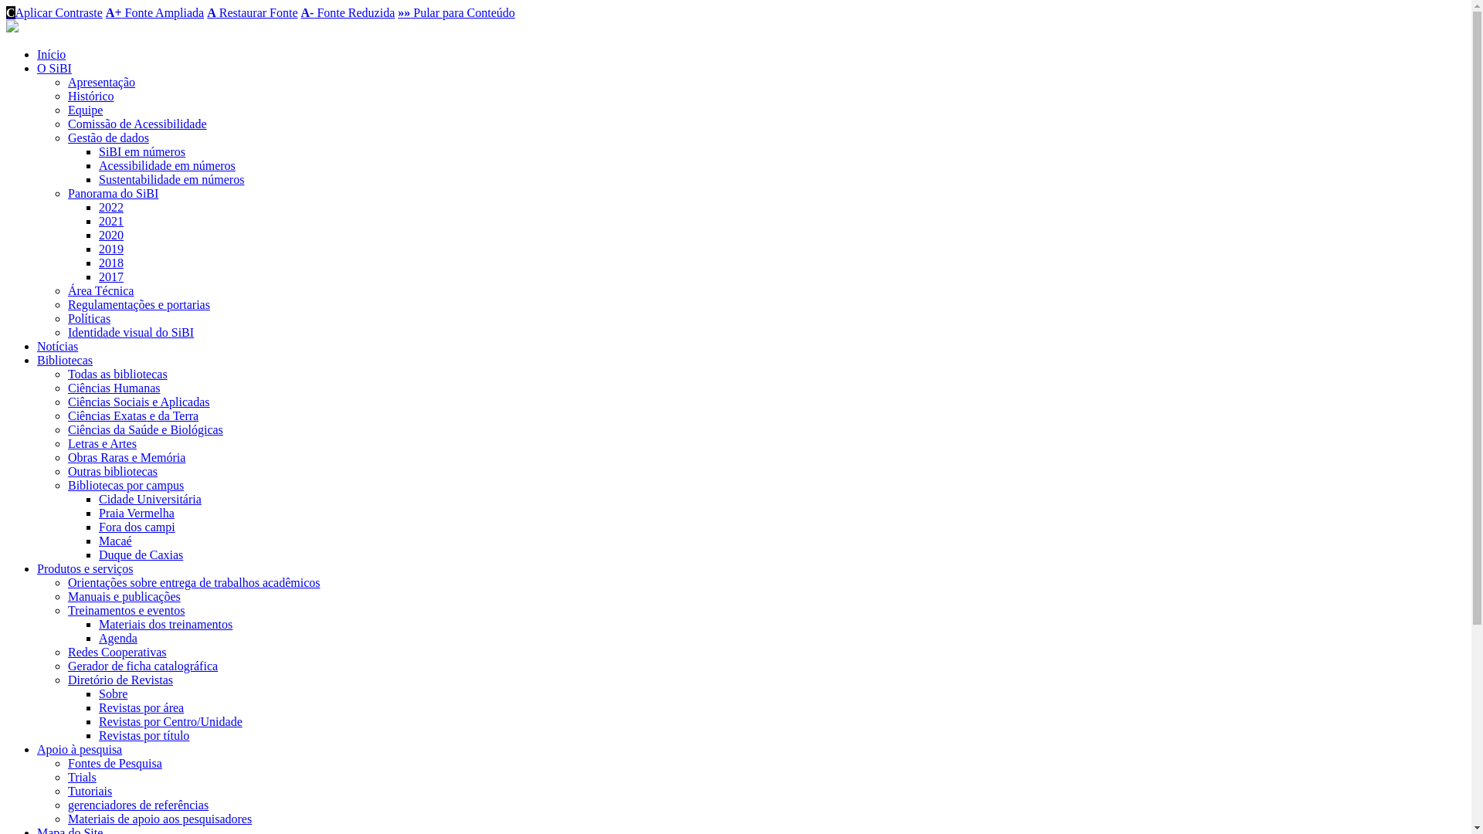  Describe the element at coordinates (126, 609) in the screenshot. I see `'Treinamentos e eventos'` at that location.